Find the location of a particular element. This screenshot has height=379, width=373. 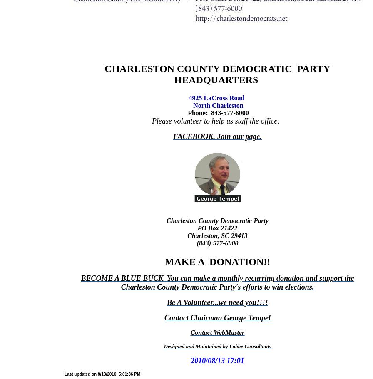

'FACEBOOK. Join our page.' is located at coordinates (217, 136).